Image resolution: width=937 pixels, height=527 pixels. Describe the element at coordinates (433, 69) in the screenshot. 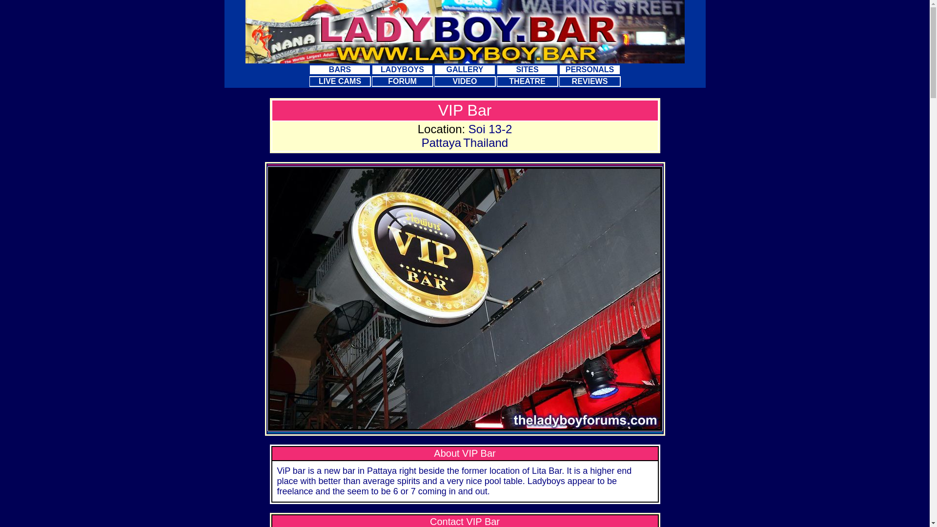

I see `'GALLERY'` at that location.